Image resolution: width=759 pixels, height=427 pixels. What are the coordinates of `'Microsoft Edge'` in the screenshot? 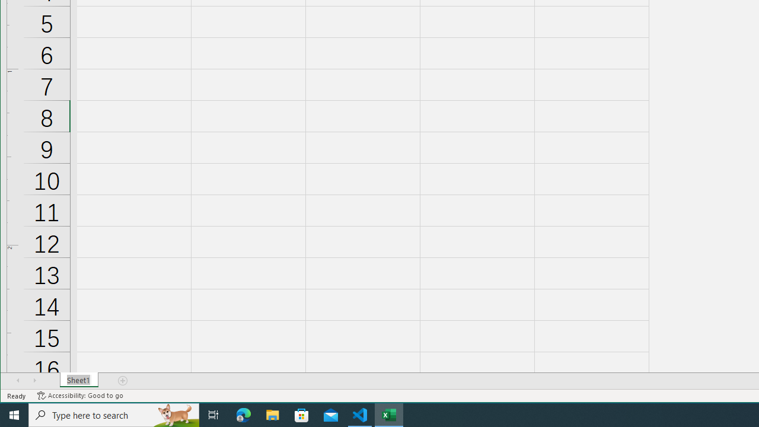 It's located at (243, 414).